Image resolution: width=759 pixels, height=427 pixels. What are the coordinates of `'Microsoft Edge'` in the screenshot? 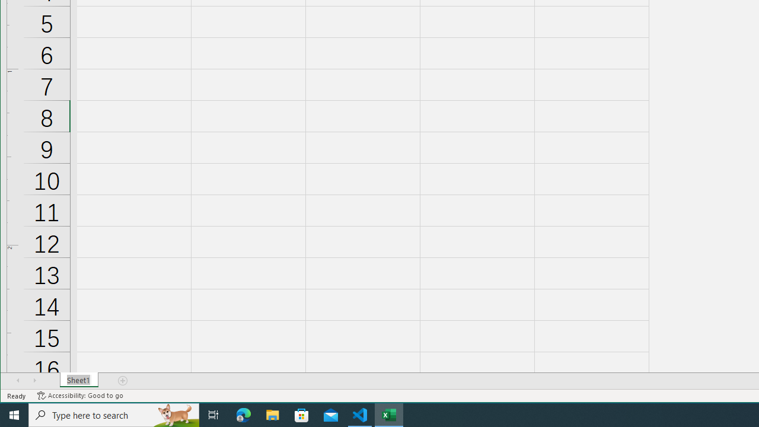 It's located at (243, 414).